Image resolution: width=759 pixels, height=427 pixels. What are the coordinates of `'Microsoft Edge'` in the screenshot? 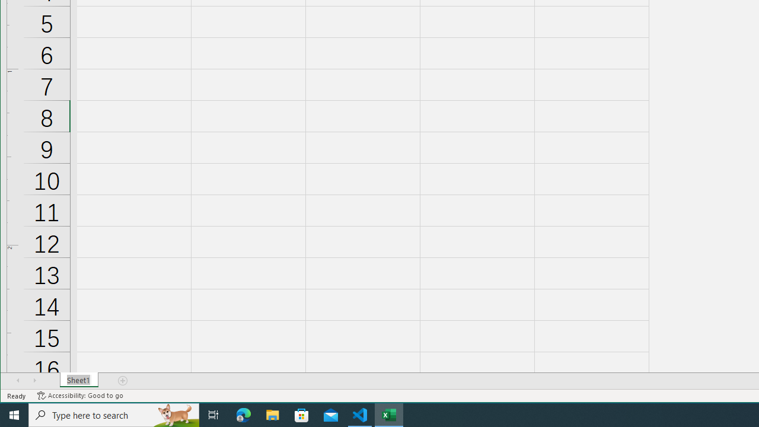 It's located at (243, 414).